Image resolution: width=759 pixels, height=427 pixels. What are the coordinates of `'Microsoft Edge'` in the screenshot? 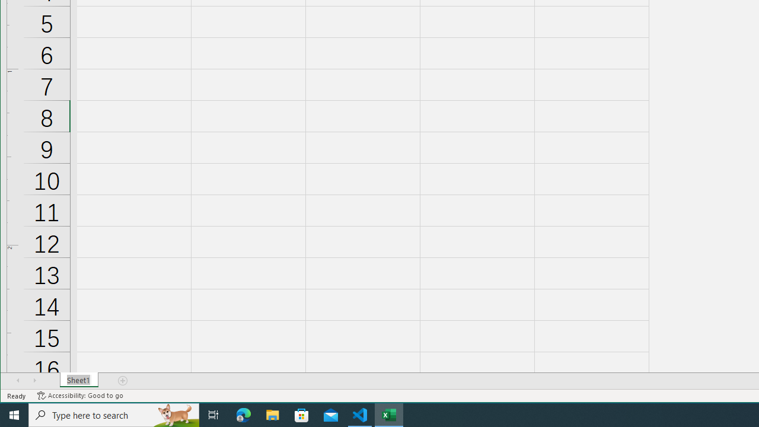 It's located at (243, 414).